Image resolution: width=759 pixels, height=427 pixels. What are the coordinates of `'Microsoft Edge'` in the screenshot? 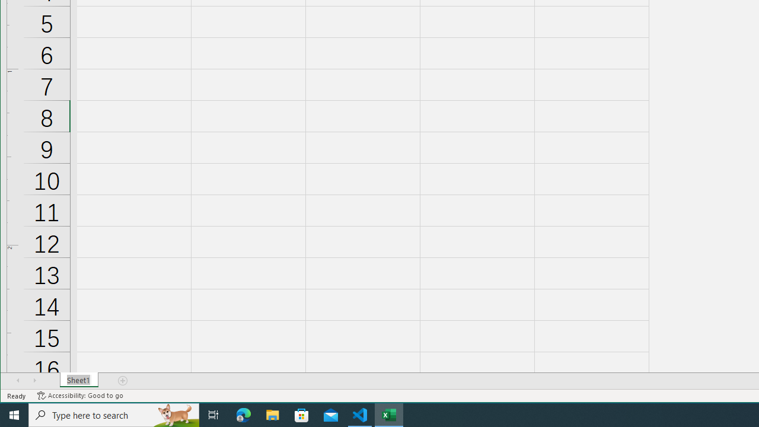 It's located at (243, 414).